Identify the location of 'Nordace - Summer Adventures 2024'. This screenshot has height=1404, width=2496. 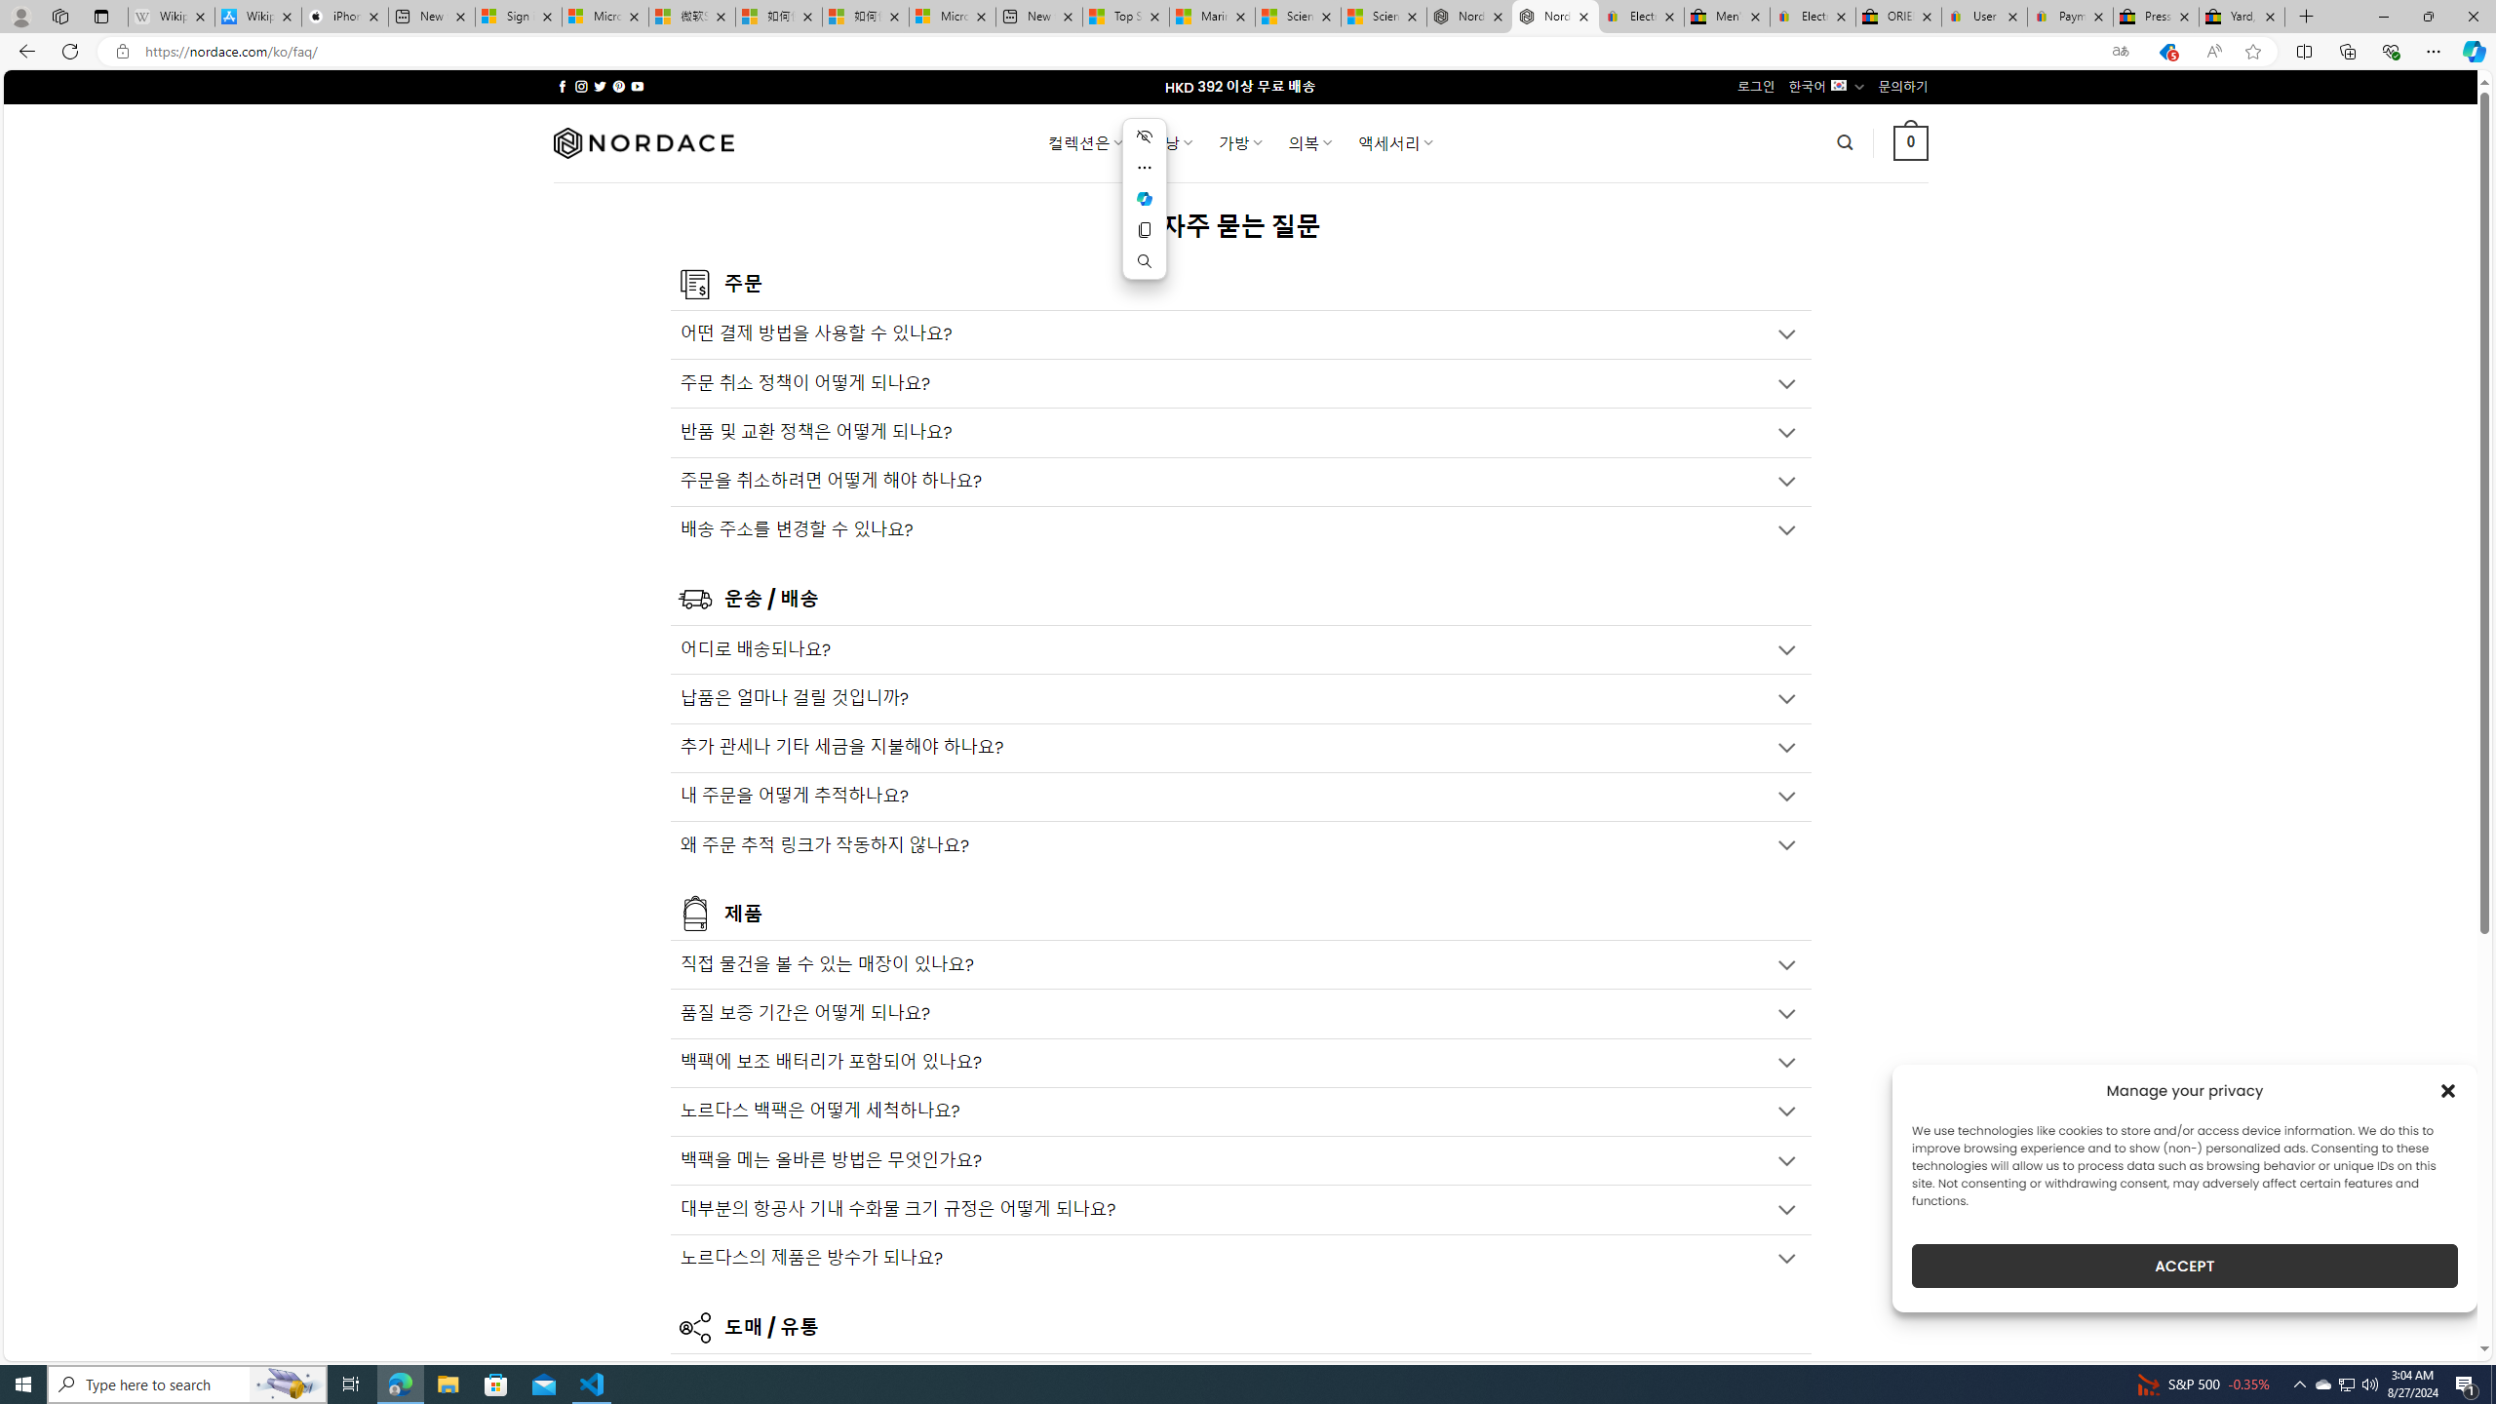
(1467, 16).